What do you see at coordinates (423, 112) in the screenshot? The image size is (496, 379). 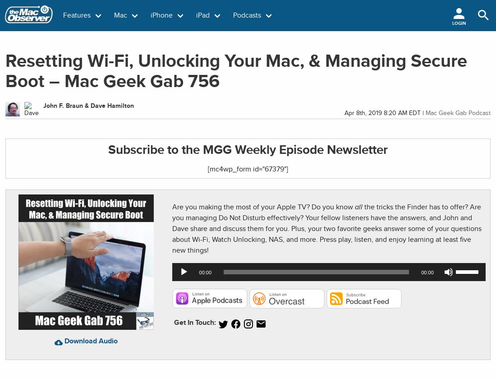 I see `'|'` at bounding box center [423, 112].